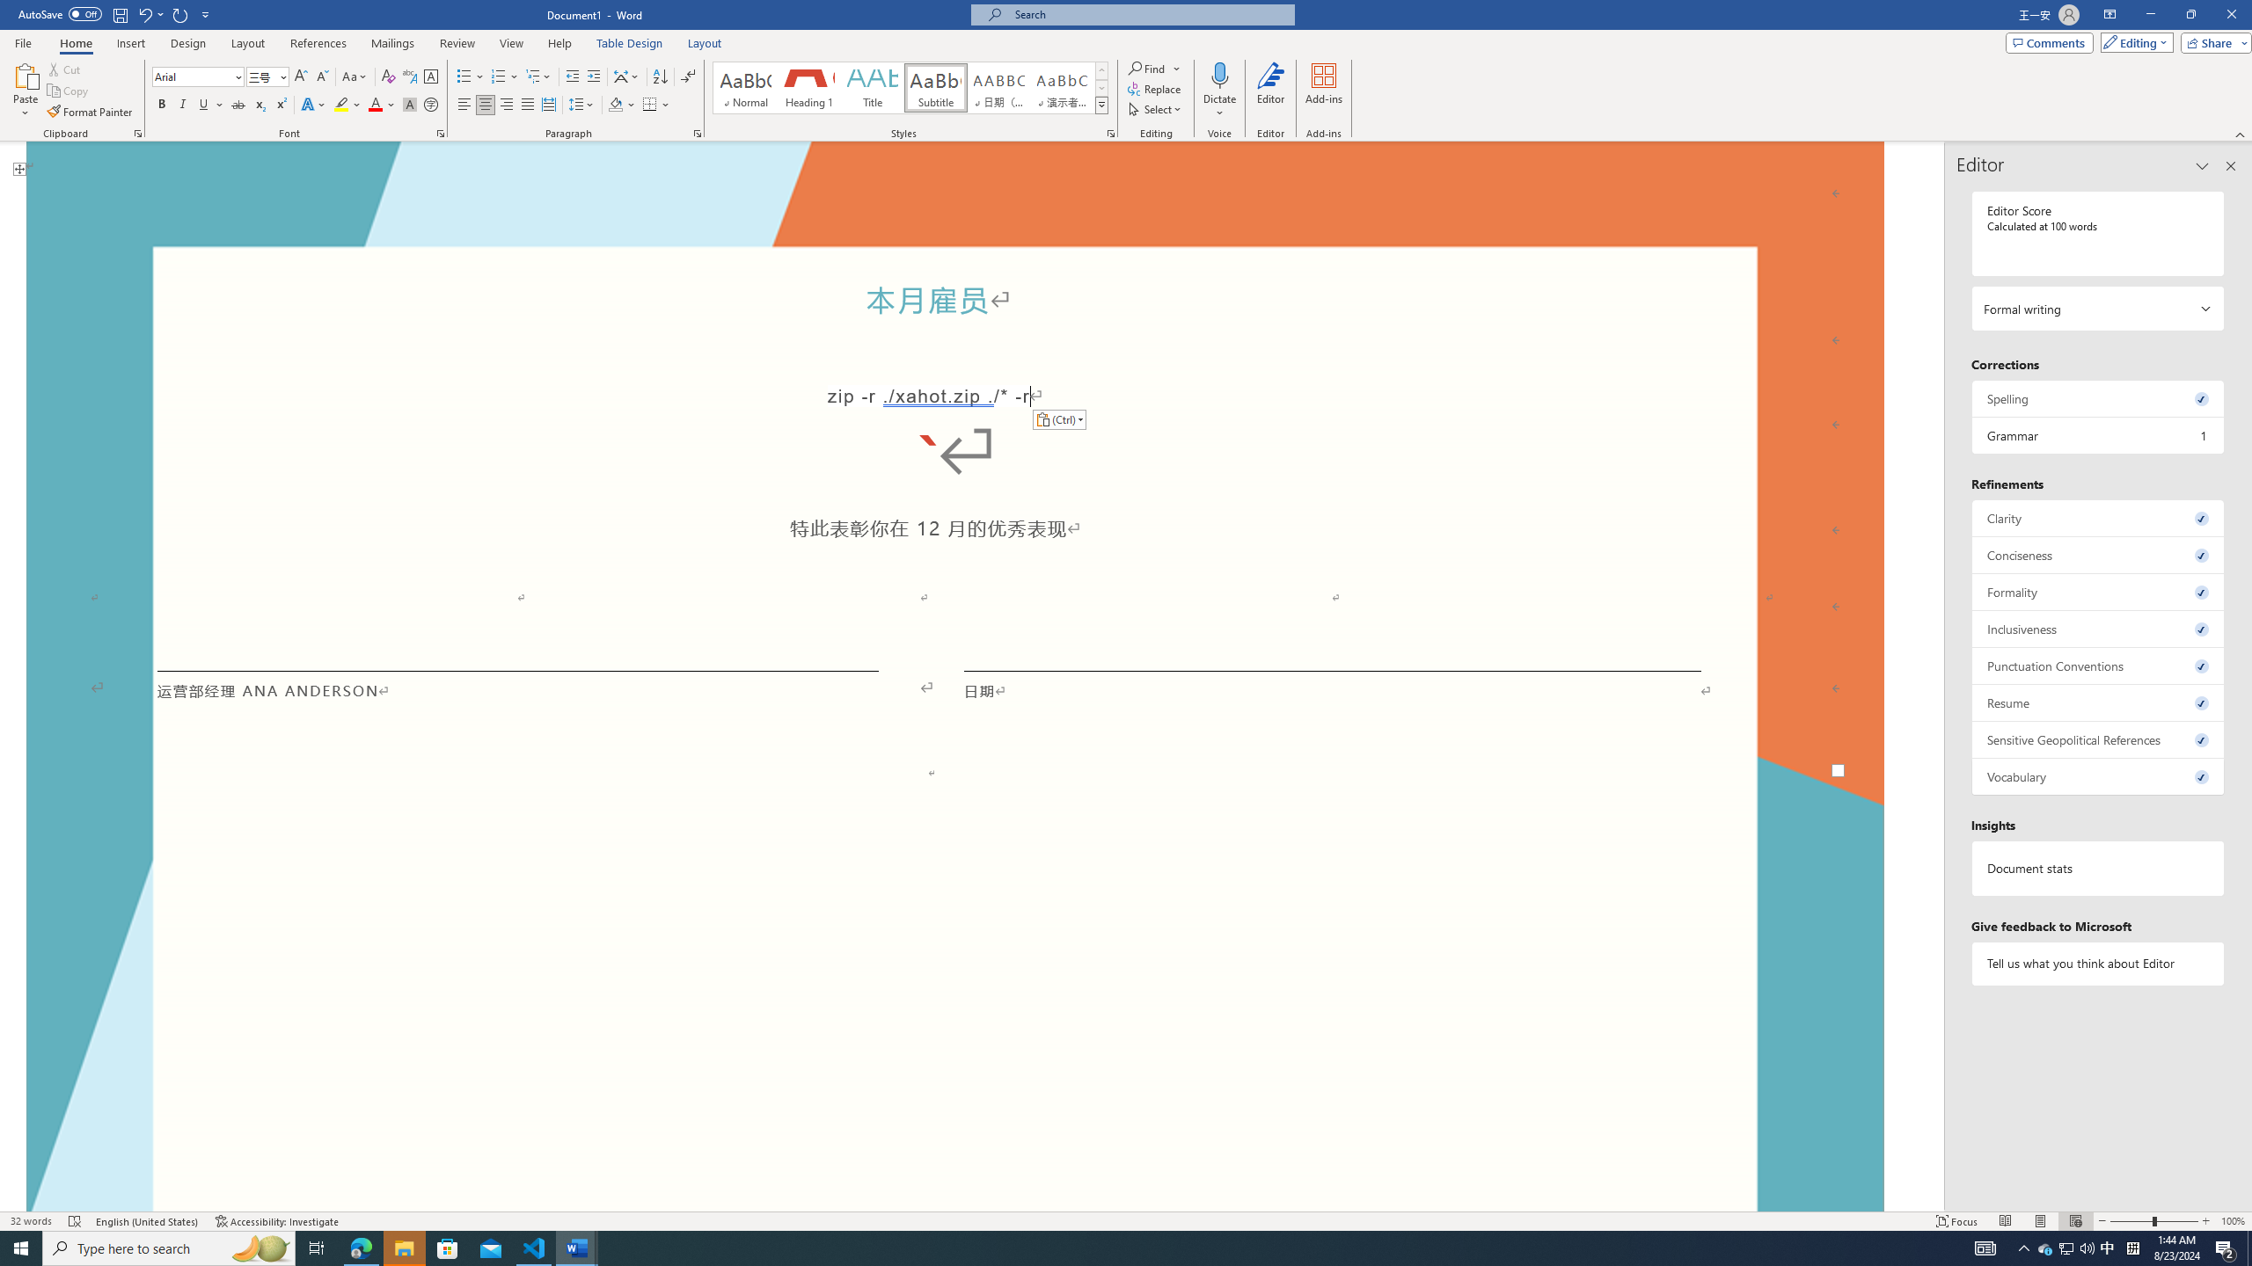  I want to click on 'Vocabulary, 0 issues. Press space or enter to review items.', so click(2097, 775).